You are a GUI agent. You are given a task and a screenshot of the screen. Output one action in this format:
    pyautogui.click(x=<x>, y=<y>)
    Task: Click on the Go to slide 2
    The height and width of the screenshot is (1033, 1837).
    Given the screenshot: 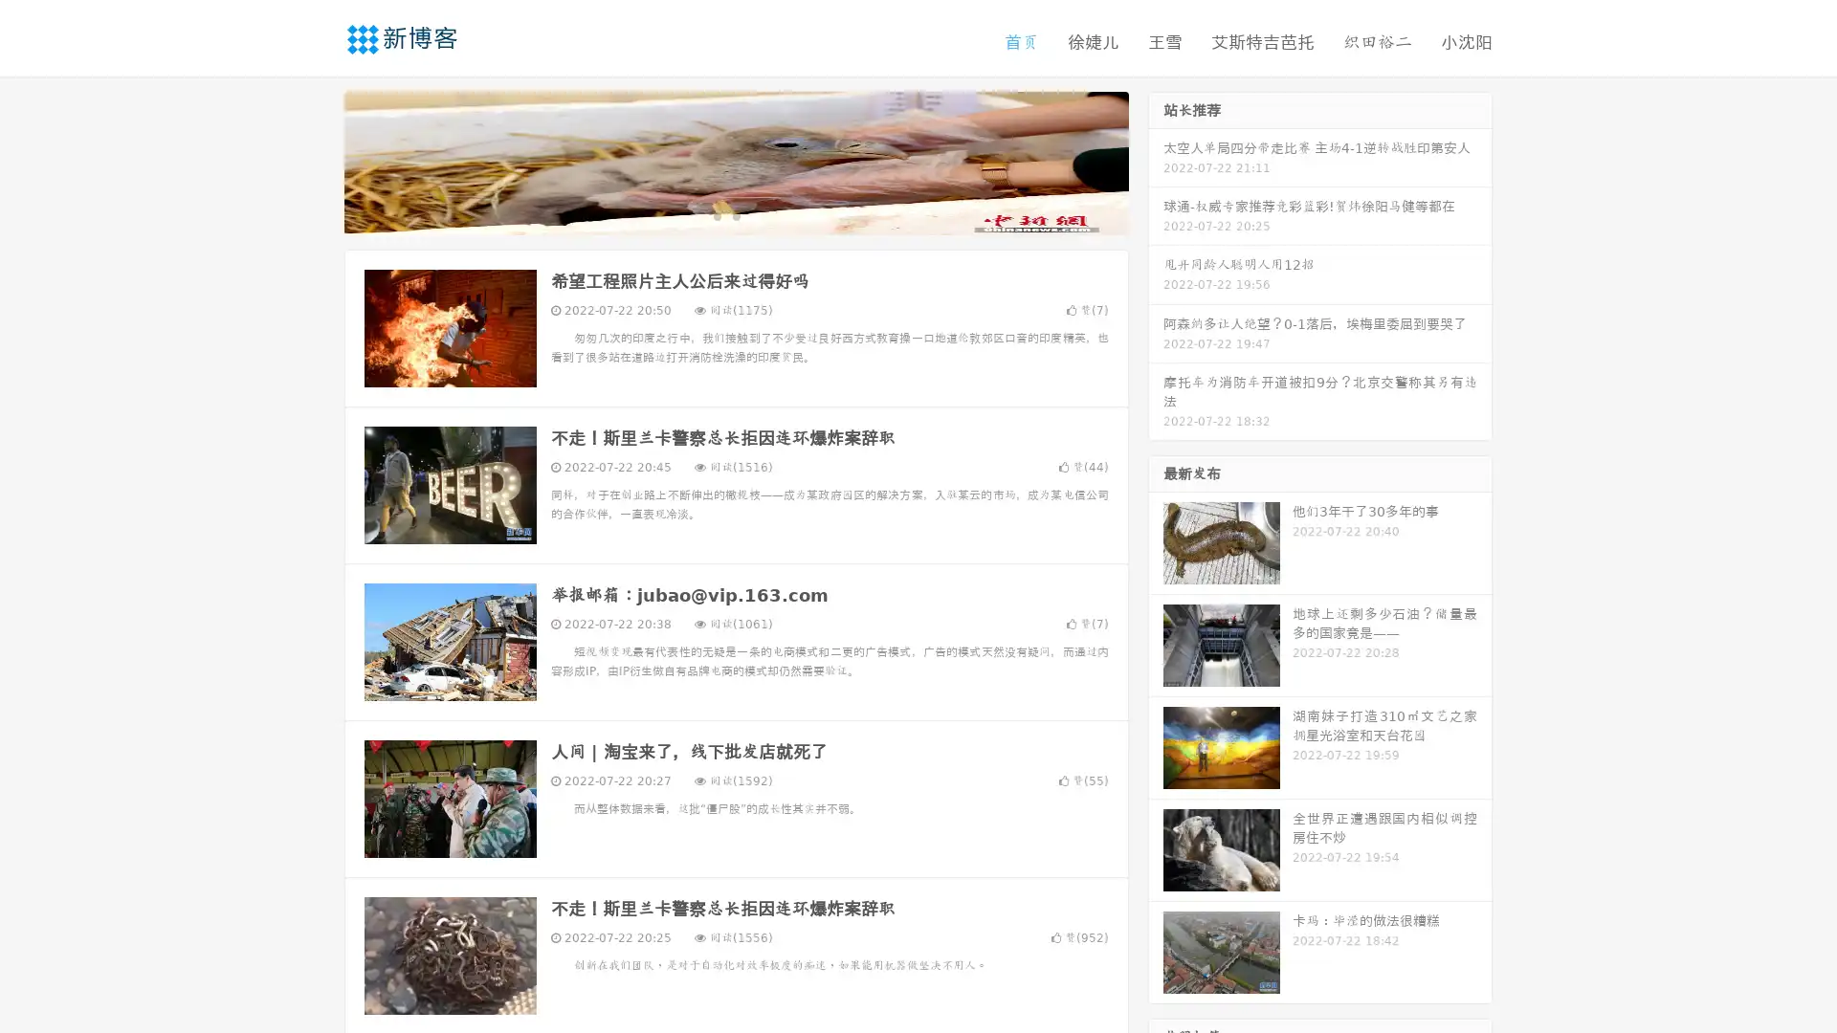 What is the action you would take?
    pyautogui.click(x=735, y=215)
    